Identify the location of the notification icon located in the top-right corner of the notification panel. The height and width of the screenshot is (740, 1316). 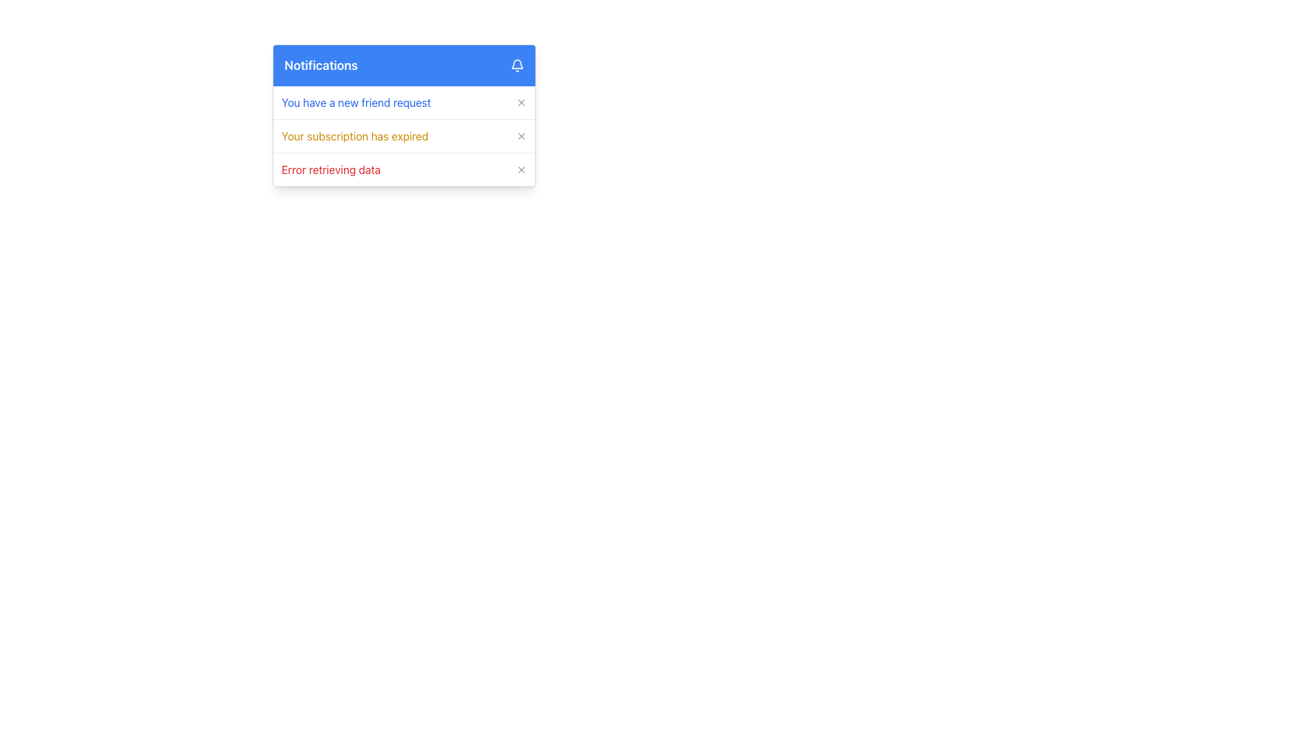
(516, 66).